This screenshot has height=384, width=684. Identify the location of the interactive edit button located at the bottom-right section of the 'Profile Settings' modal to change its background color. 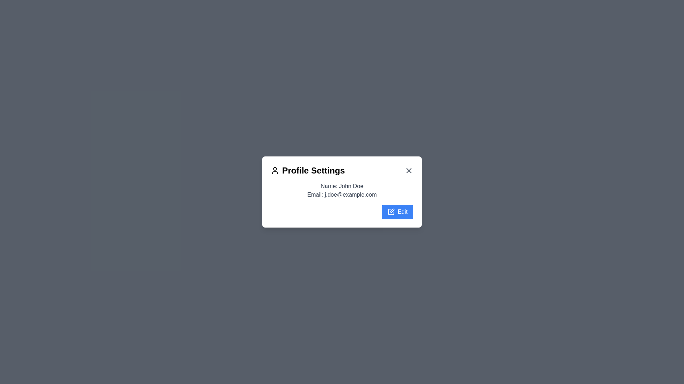
(397, 212).